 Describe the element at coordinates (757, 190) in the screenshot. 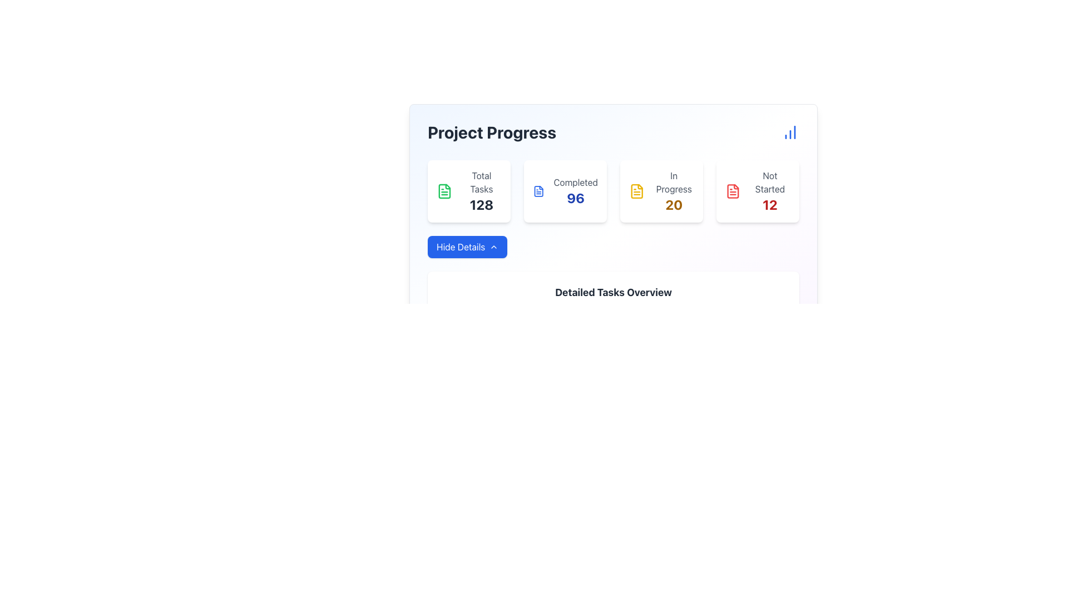

I see `the Informational Card that displays the count of tasks not started, located at the far right of the row below the heading 'Project Progress'` at that location.